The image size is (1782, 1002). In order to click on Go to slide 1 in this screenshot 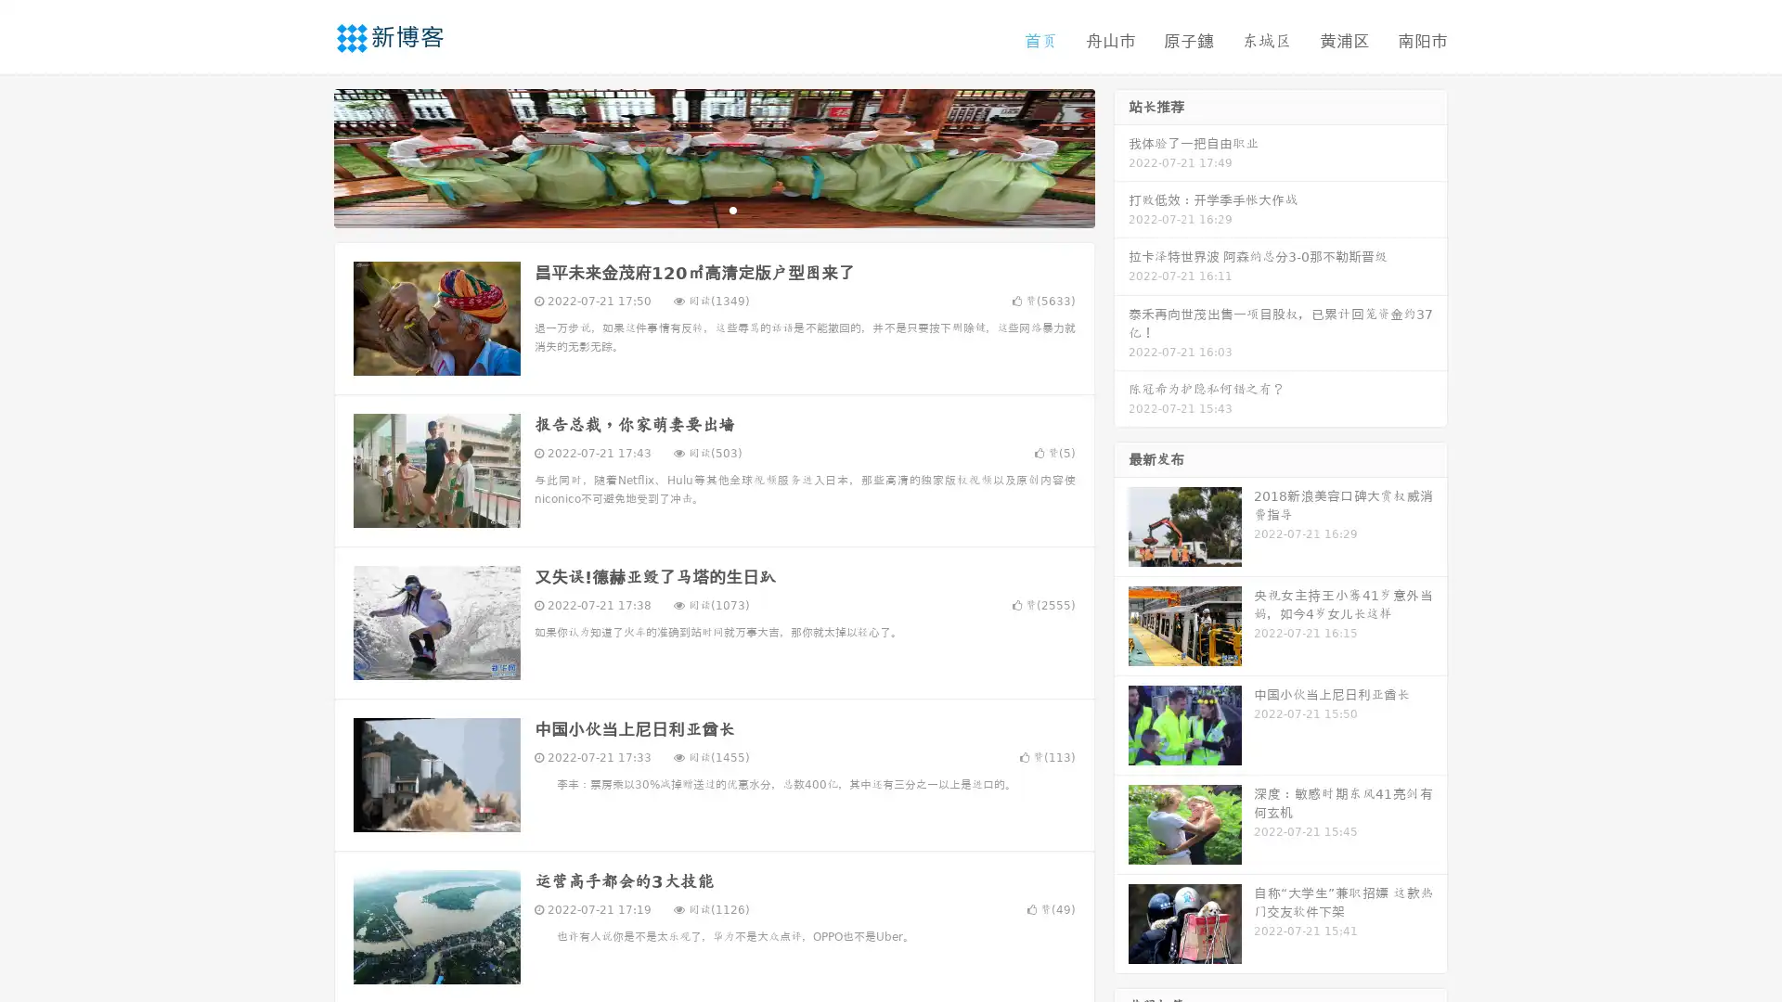, I will do `click(694, 209)`.